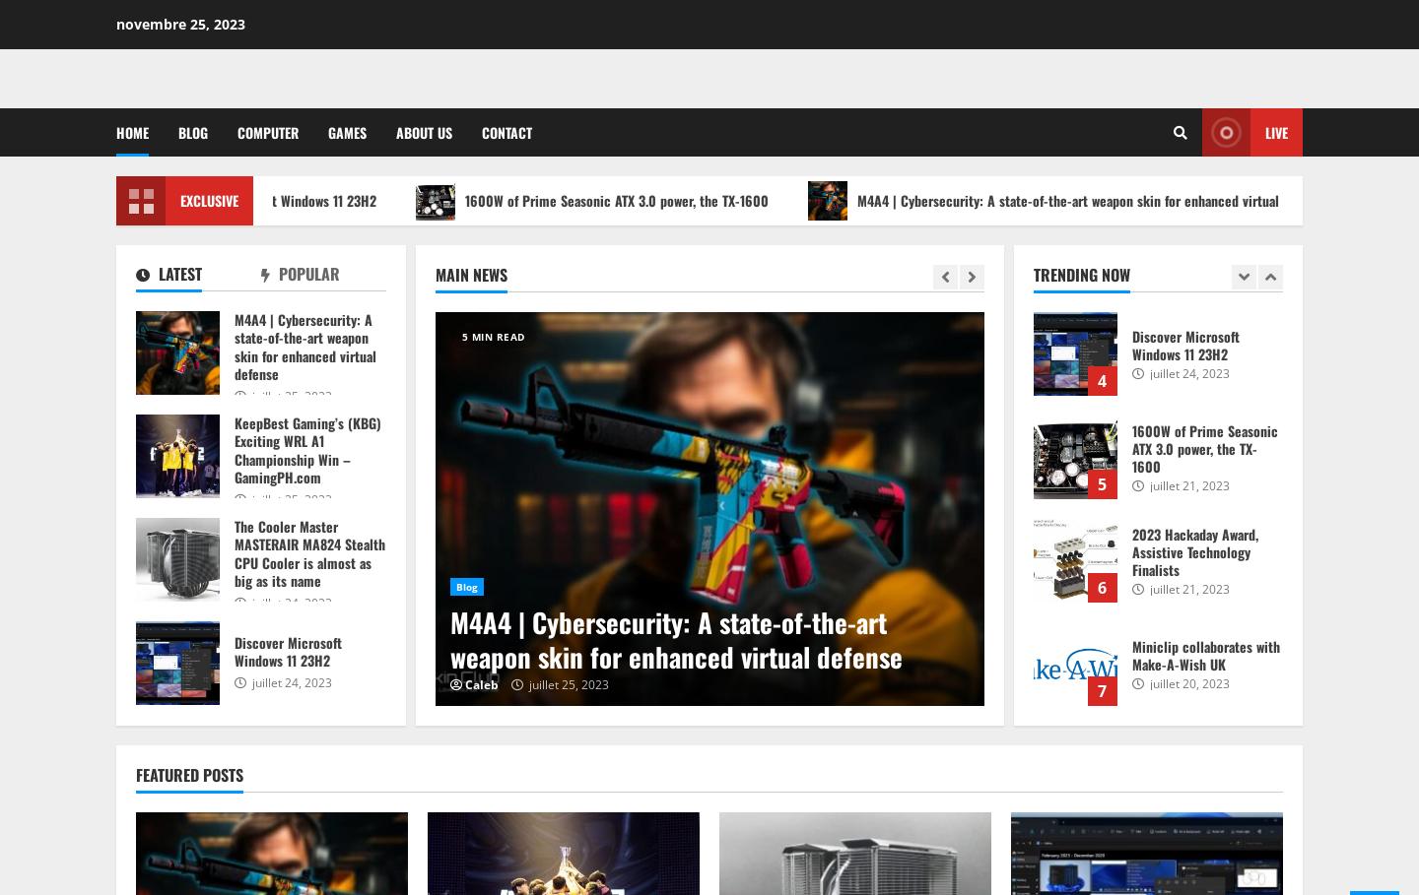  I want to click on 'Contact', so click(506, 132).